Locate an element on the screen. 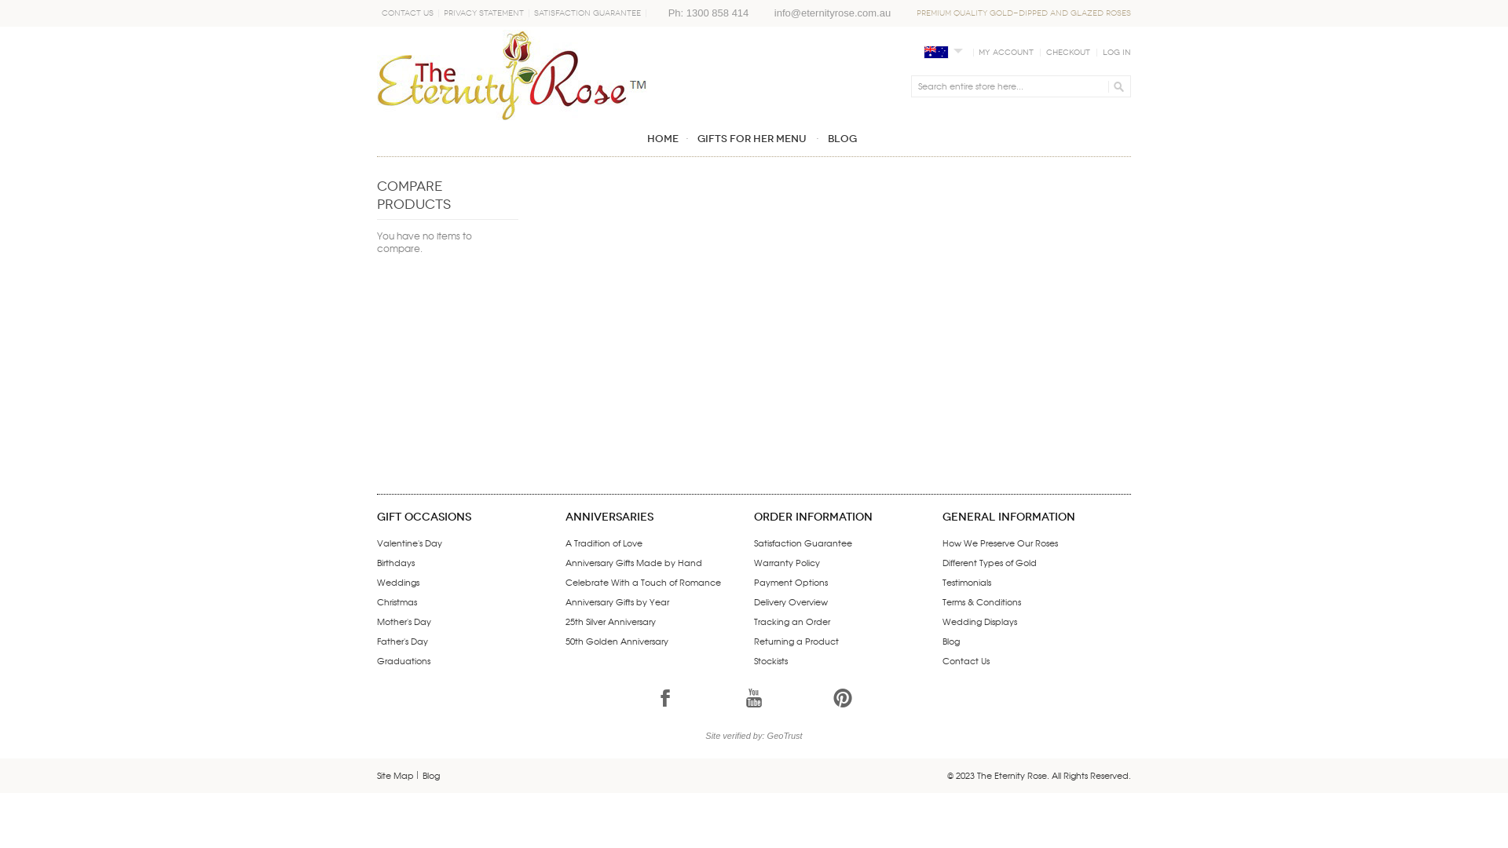 This screenshot has height=848, width=1508. 'Different Types of Gold' is located at coordinates (988, 561).